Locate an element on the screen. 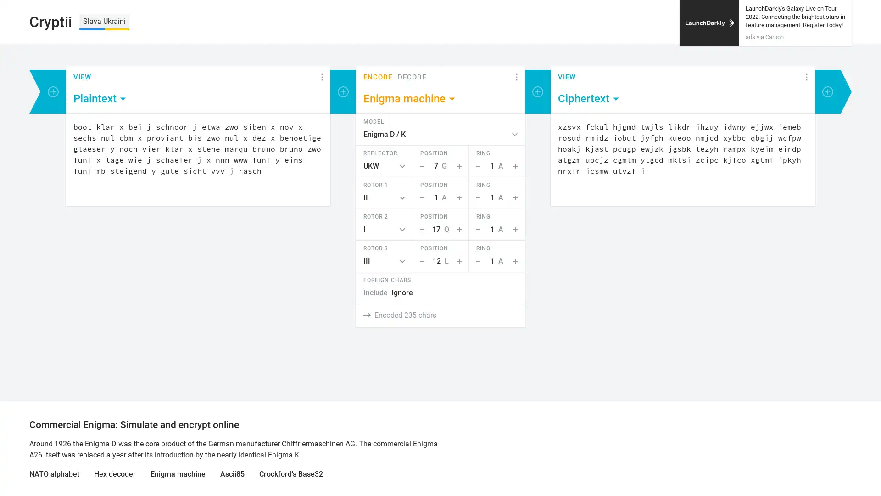  Step Up is located at coordinates (517, 166).